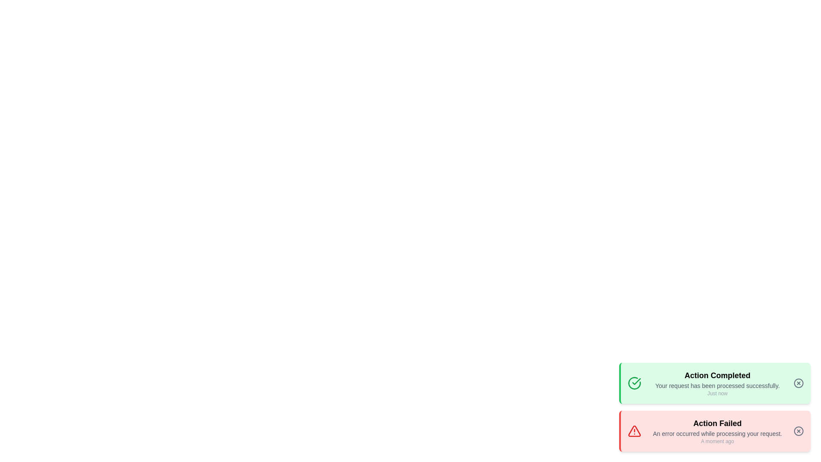 This screenshot has width=821, height=462. Describe the element at coordinates (715, 382) in the screenshot. I see `the notification to display its details` at that location.